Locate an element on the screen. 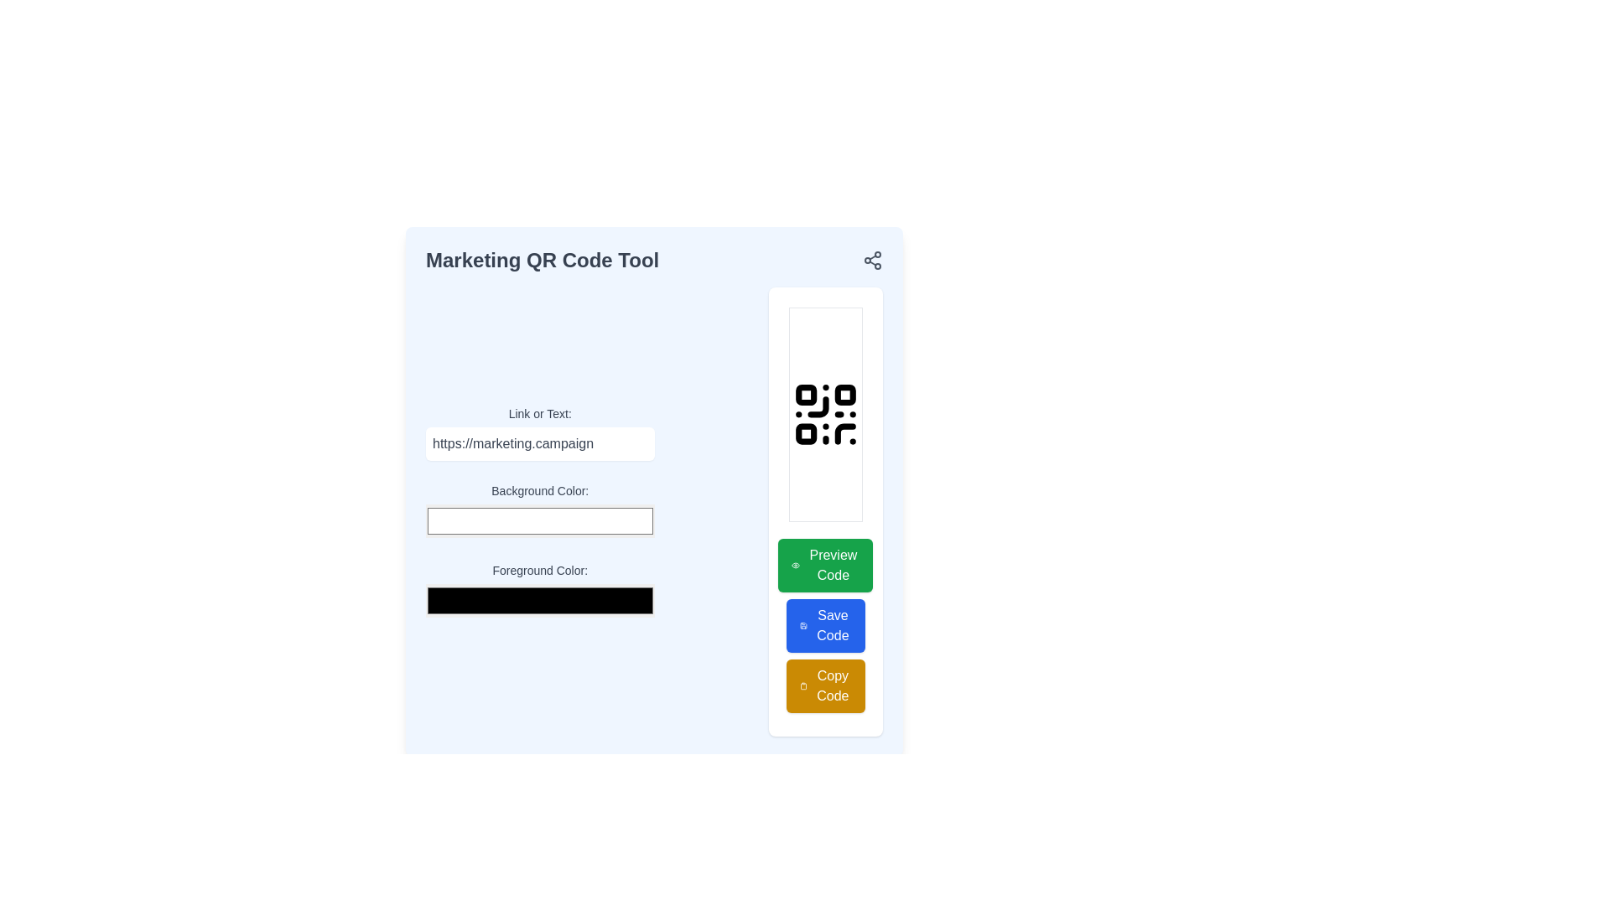  a color using the color picker input field located below the URL input field and above the foreground color selection in the 'Link or Text' group is located at coordinates (653, 510).